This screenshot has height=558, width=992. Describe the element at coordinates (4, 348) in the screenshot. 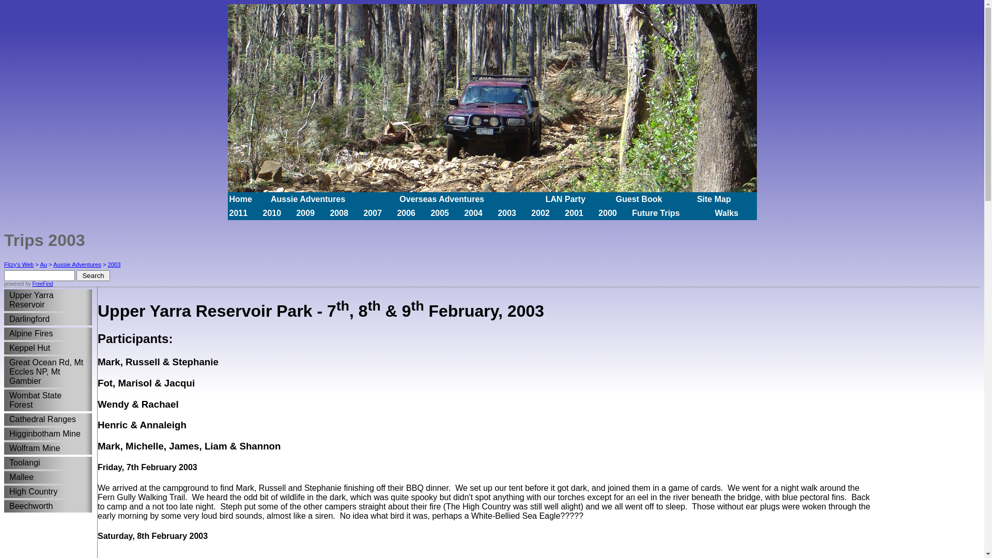

I see `'Keppel Hut'` at that location.